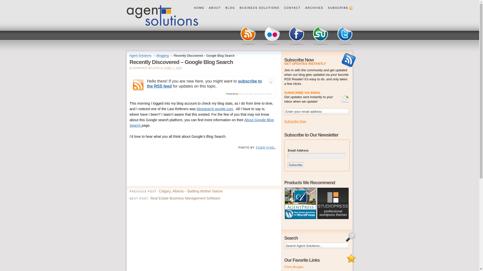 The image size is (483, 271). What do you see at coordinates (206, 8) in the screenshot?
I see `'ABOUT'` at bounding box center [206, 8].